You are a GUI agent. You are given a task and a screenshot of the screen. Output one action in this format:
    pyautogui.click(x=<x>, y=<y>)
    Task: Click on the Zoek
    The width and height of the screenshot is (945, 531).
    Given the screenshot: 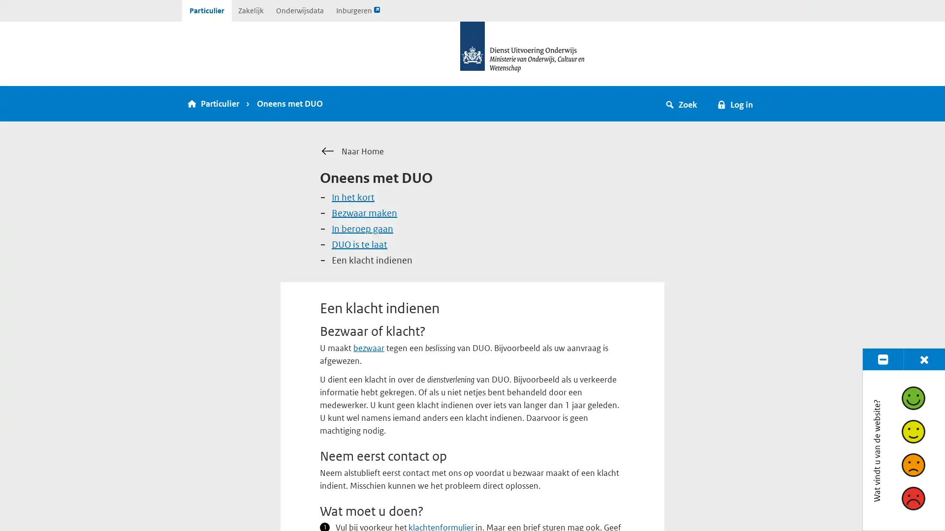 What is the action you would take?
    pyautogui.click(x=681, y=104)
    